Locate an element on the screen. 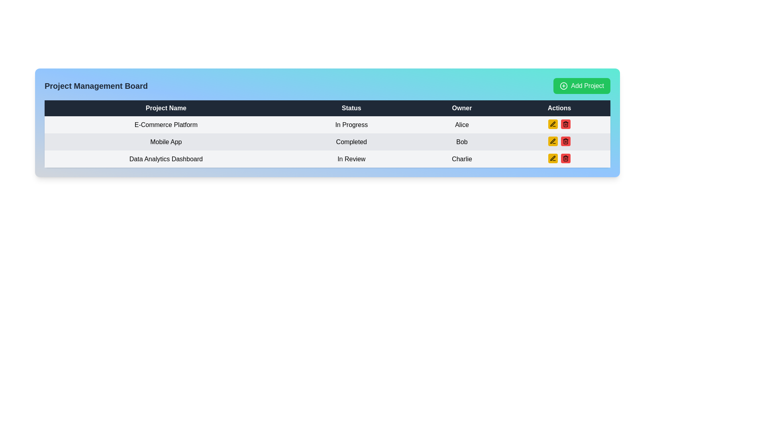 This screenshot has height=430, width=765. the edit button in the Actions column for the row associated with Alice is located at coordinates (552, 124).